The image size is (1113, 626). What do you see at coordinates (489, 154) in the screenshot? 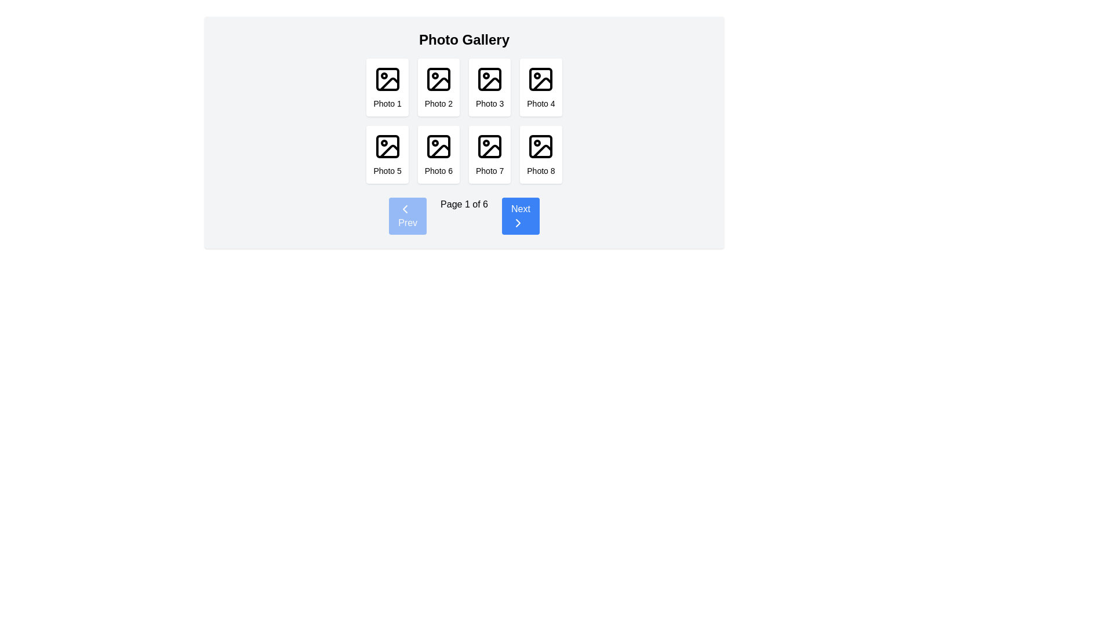
I see `the thumbnail representing 'Photo 7' in the third row and third column` at bounding box center [489, 154].